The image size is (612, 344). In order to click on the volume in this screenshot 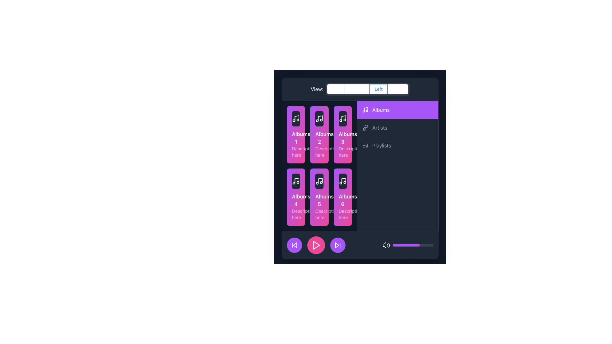, I will do `click(402, 245)`.